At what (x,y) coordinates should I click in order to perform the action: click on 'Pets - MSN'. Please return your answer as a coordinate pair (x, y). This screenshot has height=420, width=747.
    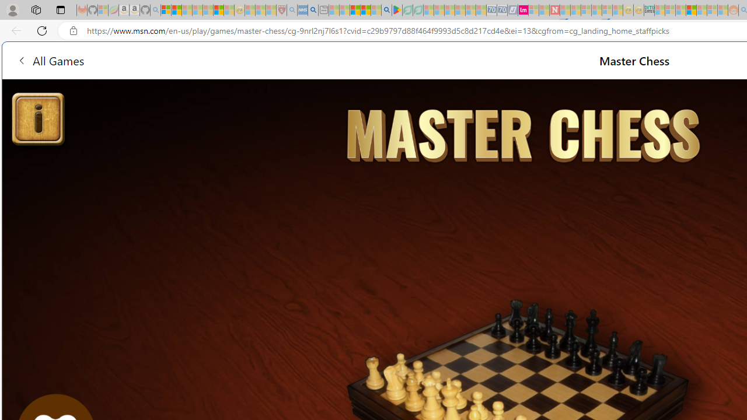
    Looking at the image, I should click on (365, 10).